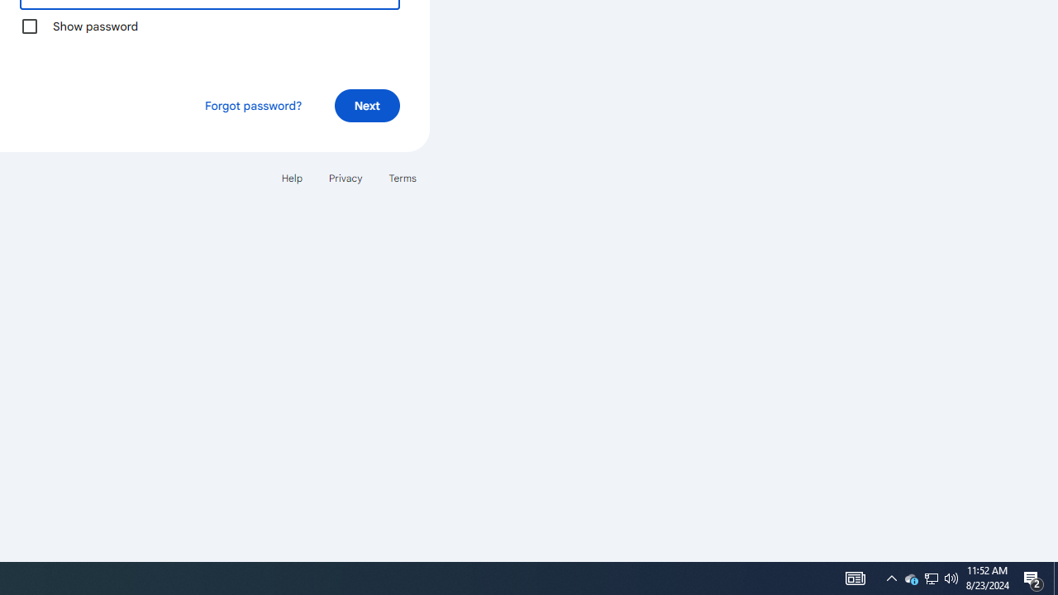 This screenshot has height=595, width=1058. I want to click on 'Help', so click(291, 178).